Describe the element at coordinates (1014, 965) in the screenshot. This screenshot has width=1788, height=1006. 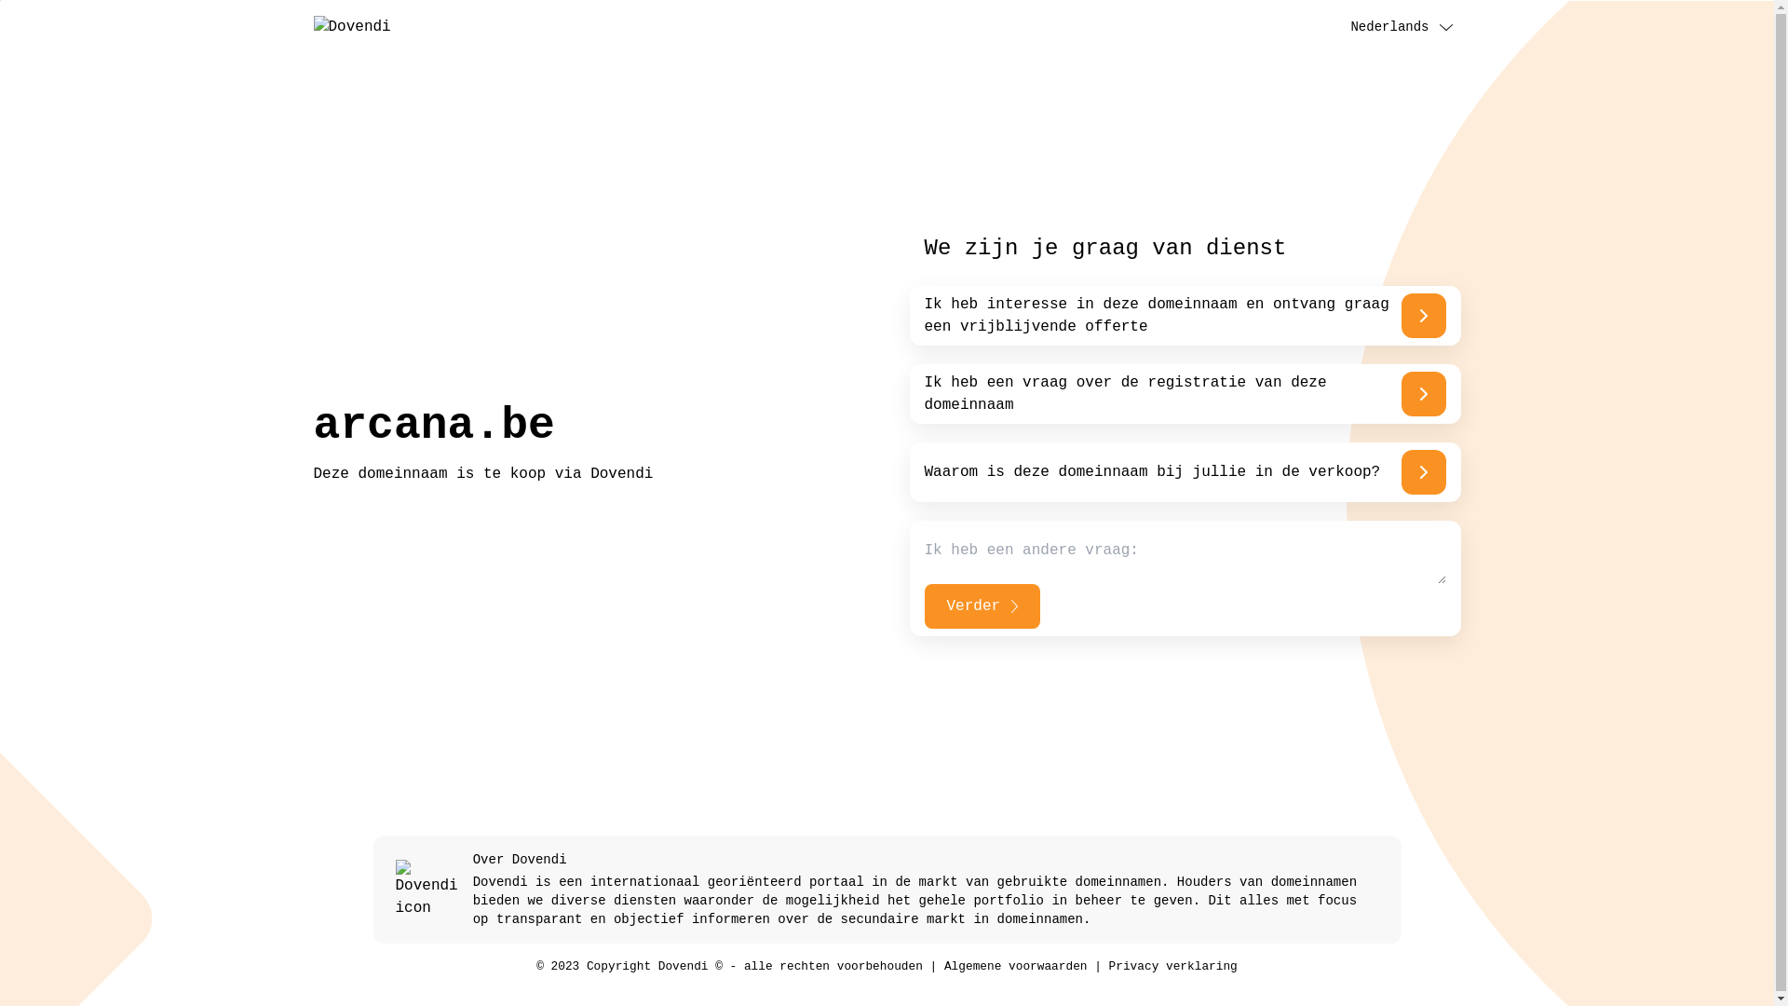
I see `'Algemene voorwaarden'` at that location.